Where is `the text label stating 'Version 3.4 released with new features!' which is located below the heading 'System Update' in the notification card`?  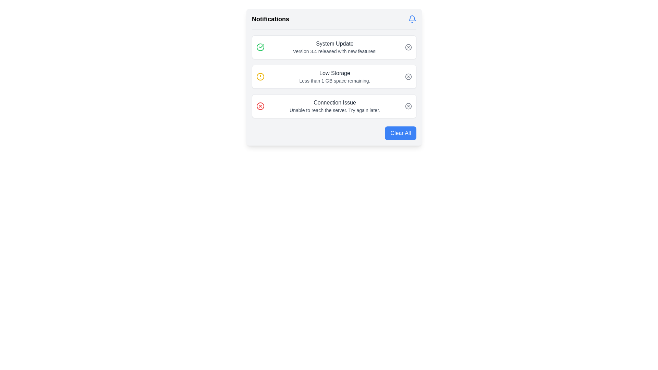
the text label stating 'Version 3.4 released with new features!' which is located below the heading 'System Update' in the notification card is located at coordinates (335, 51).